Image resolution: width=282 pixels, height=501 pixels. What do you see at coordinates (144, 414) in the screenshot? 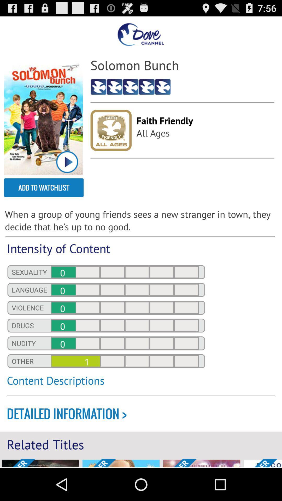
I see `the detailed information >` at bounding box center [144, 414].